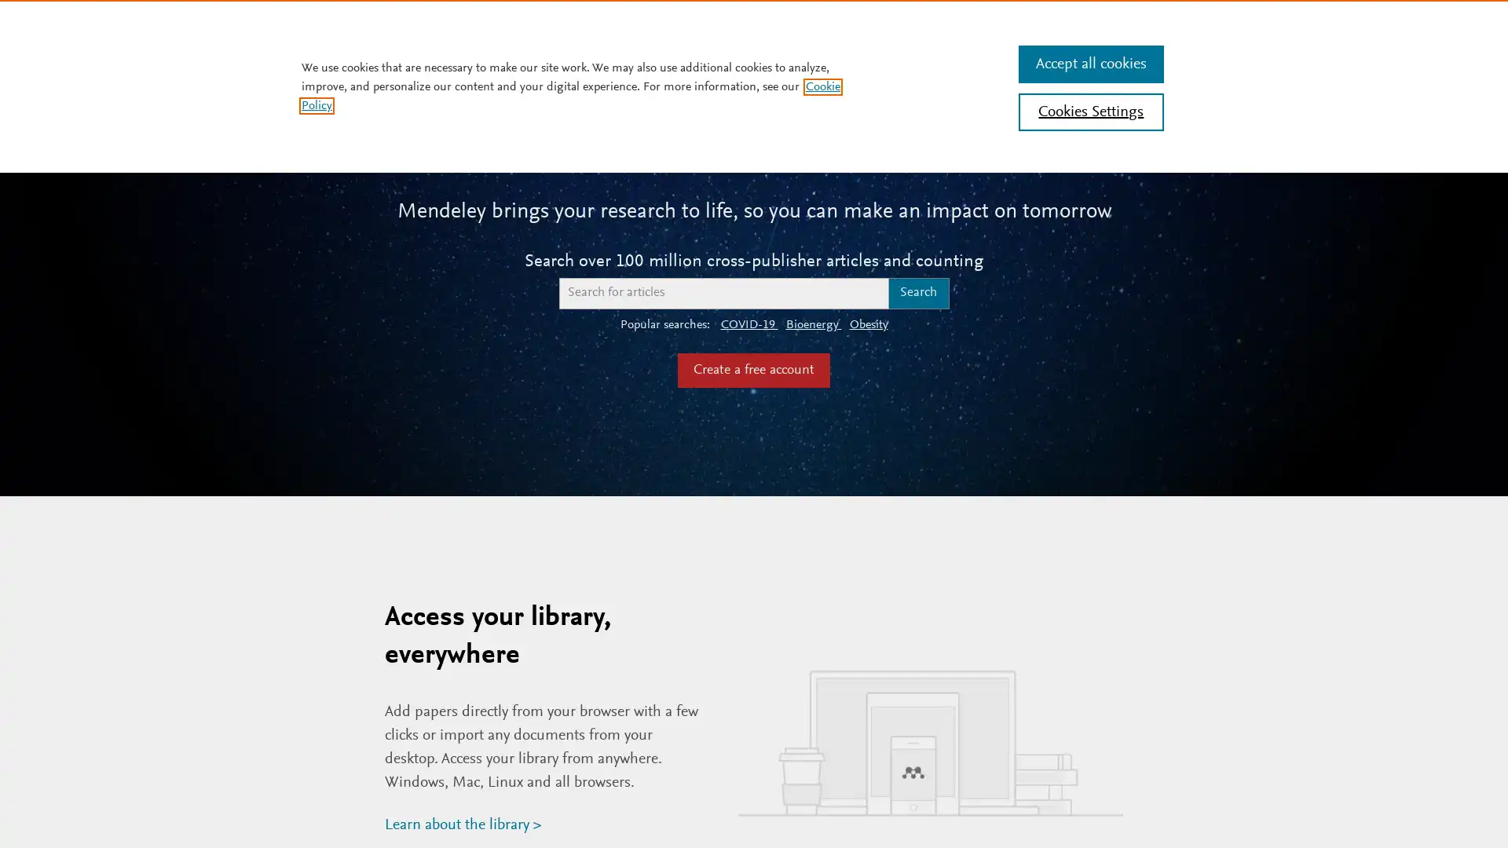  I want to click on Cookies Settings, so click(1089, 111).